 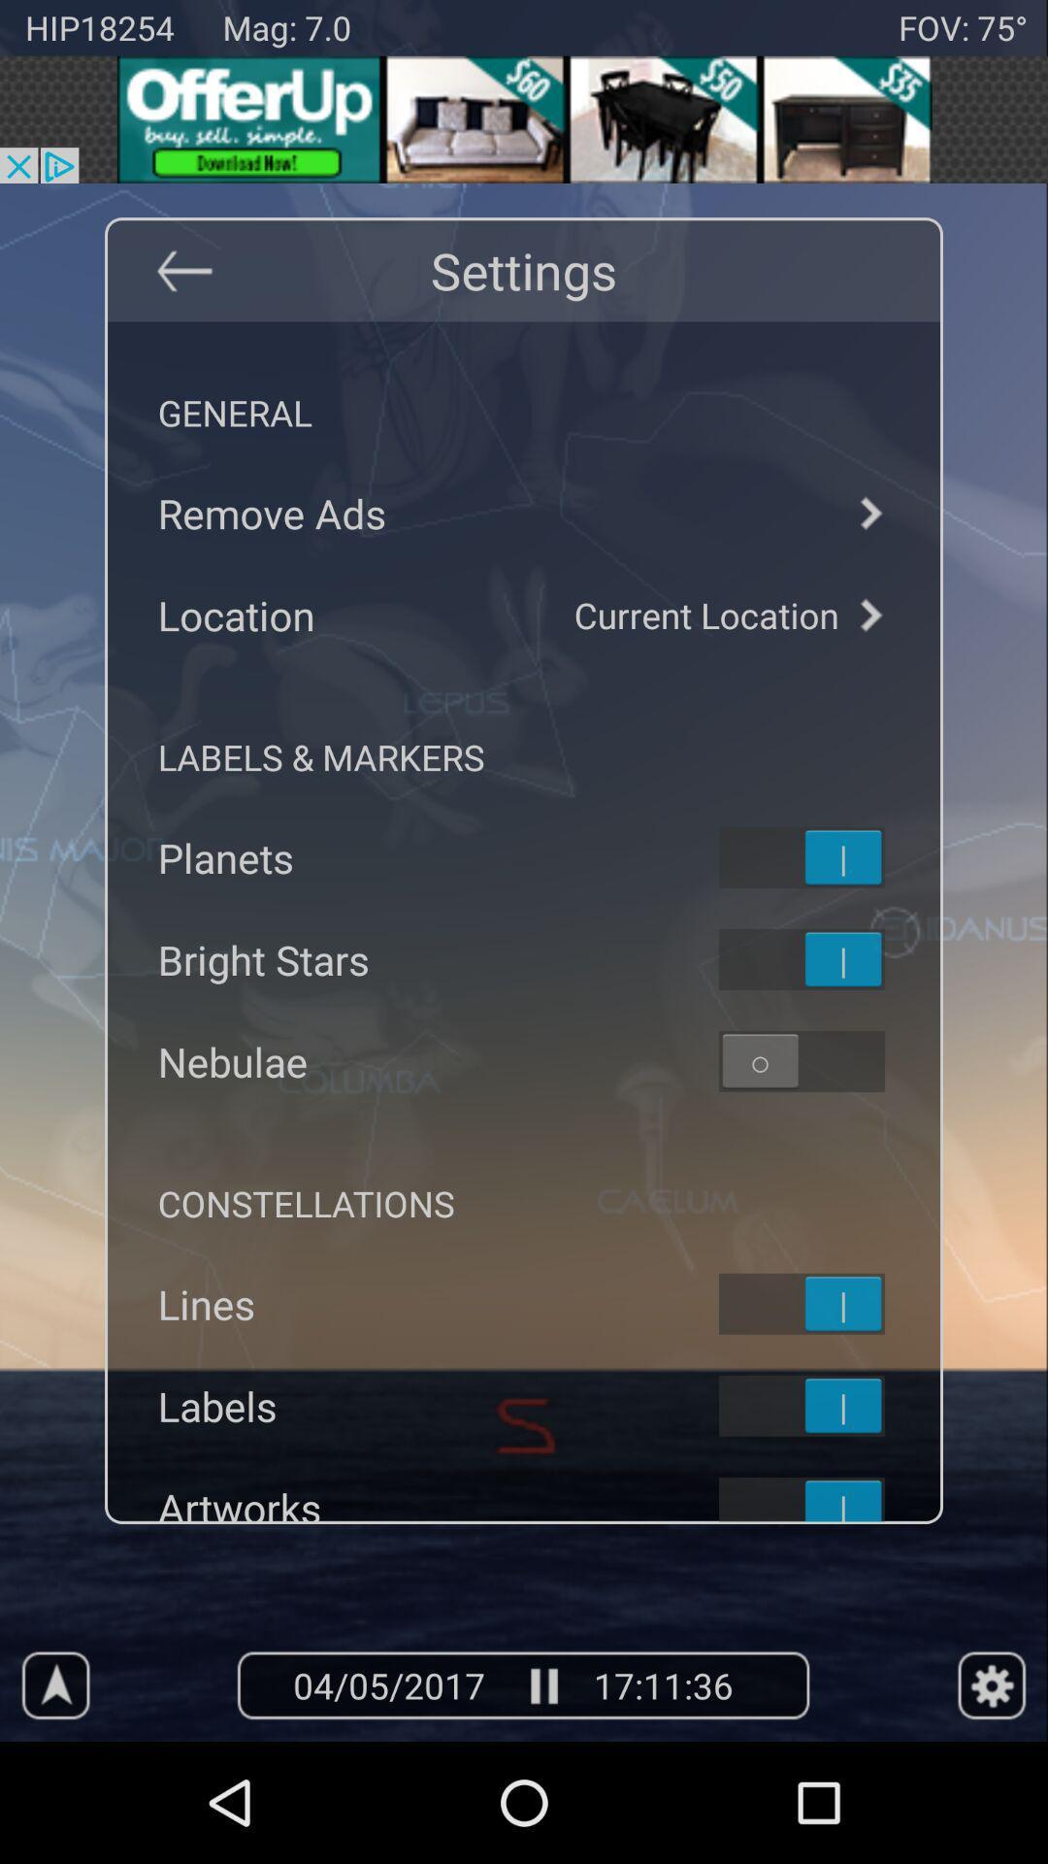 I want to click on on-of, so click(x=827, y=856).